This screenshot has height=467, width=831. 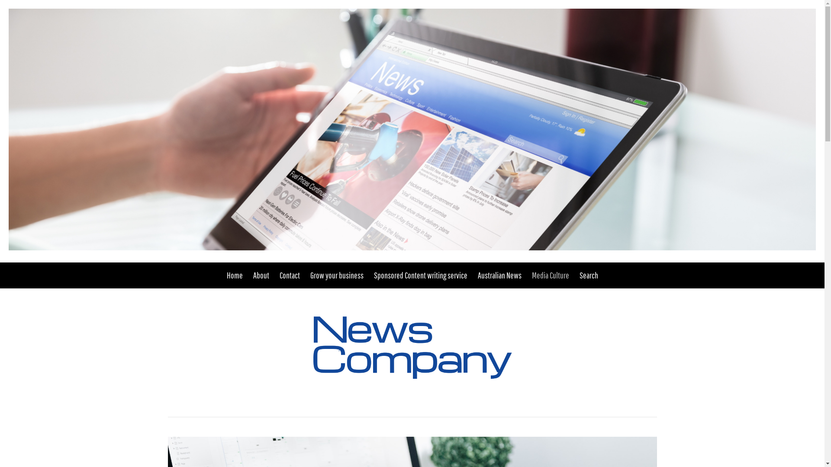 I want to click on 'Home', so click(x=226, y=275).